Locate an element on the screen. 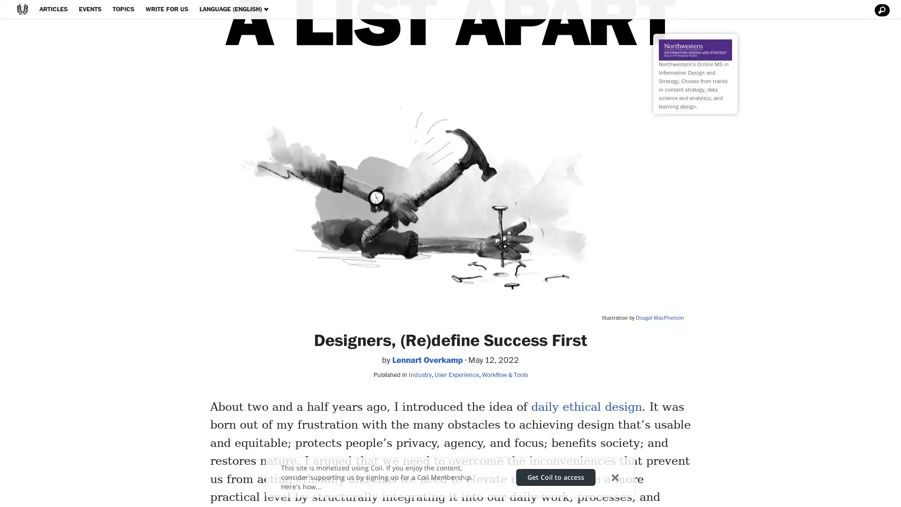  Search is located at coordinates (880, 10).